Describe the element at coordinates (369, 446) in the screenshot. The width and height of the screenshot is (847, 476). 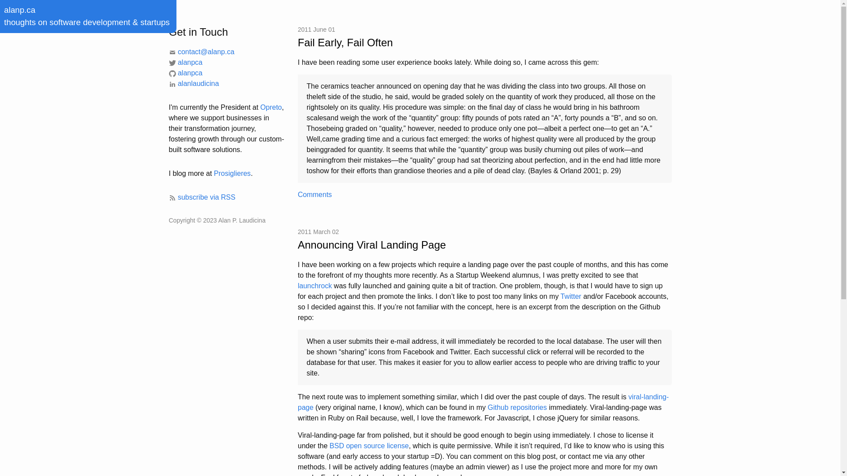
I see `'BSD open source license'` at that location.